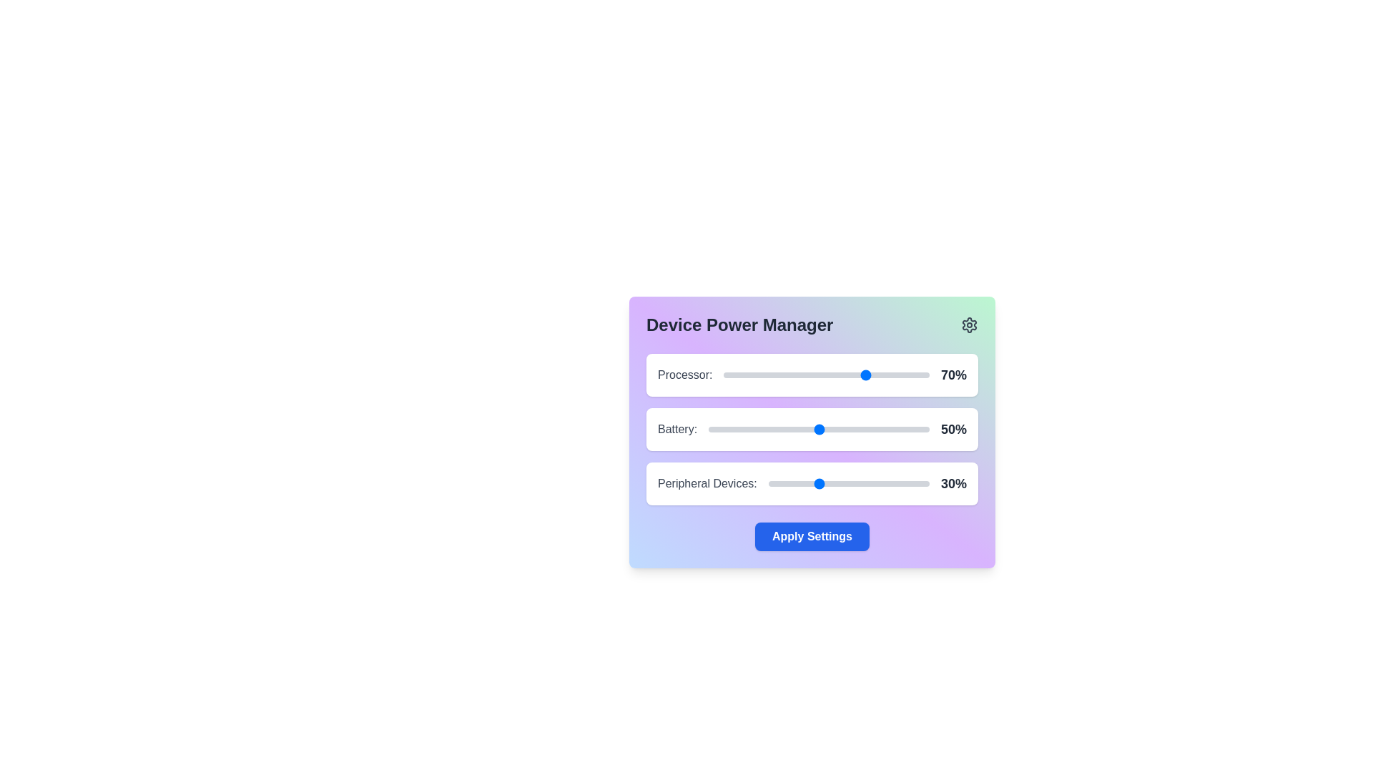  Describe the element at coordinates (747, 374) in the screenshot. I see `the 'Processor' slider to 12% power` at that location.